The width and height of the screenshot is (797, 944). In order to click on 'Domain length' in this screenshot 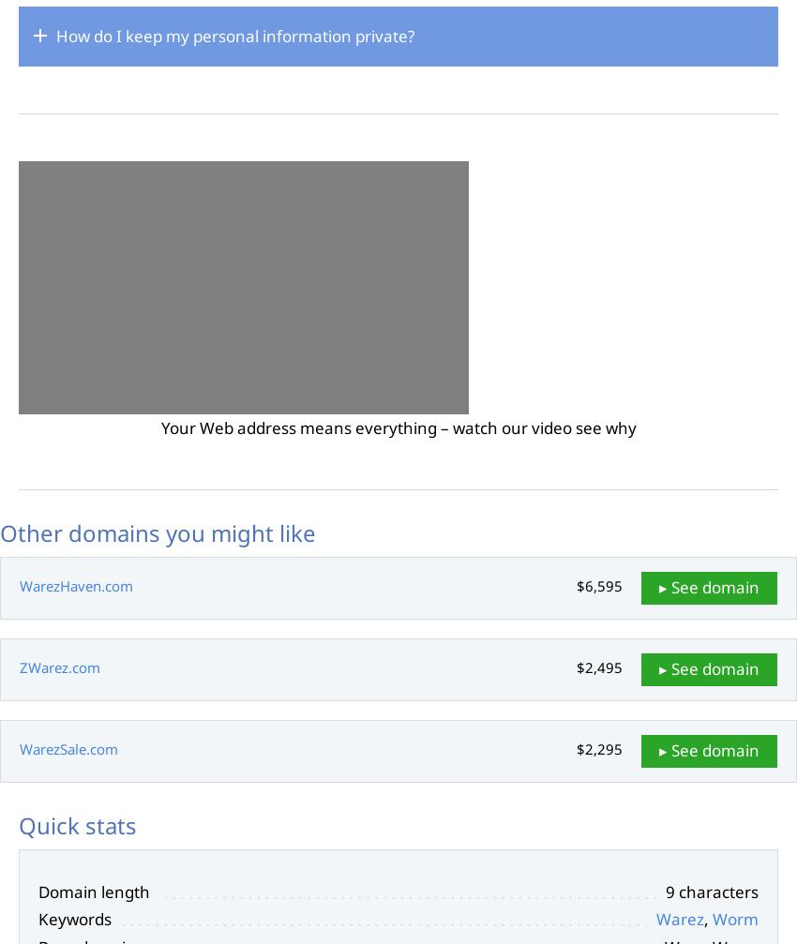, I will do `click(93, 890)`.